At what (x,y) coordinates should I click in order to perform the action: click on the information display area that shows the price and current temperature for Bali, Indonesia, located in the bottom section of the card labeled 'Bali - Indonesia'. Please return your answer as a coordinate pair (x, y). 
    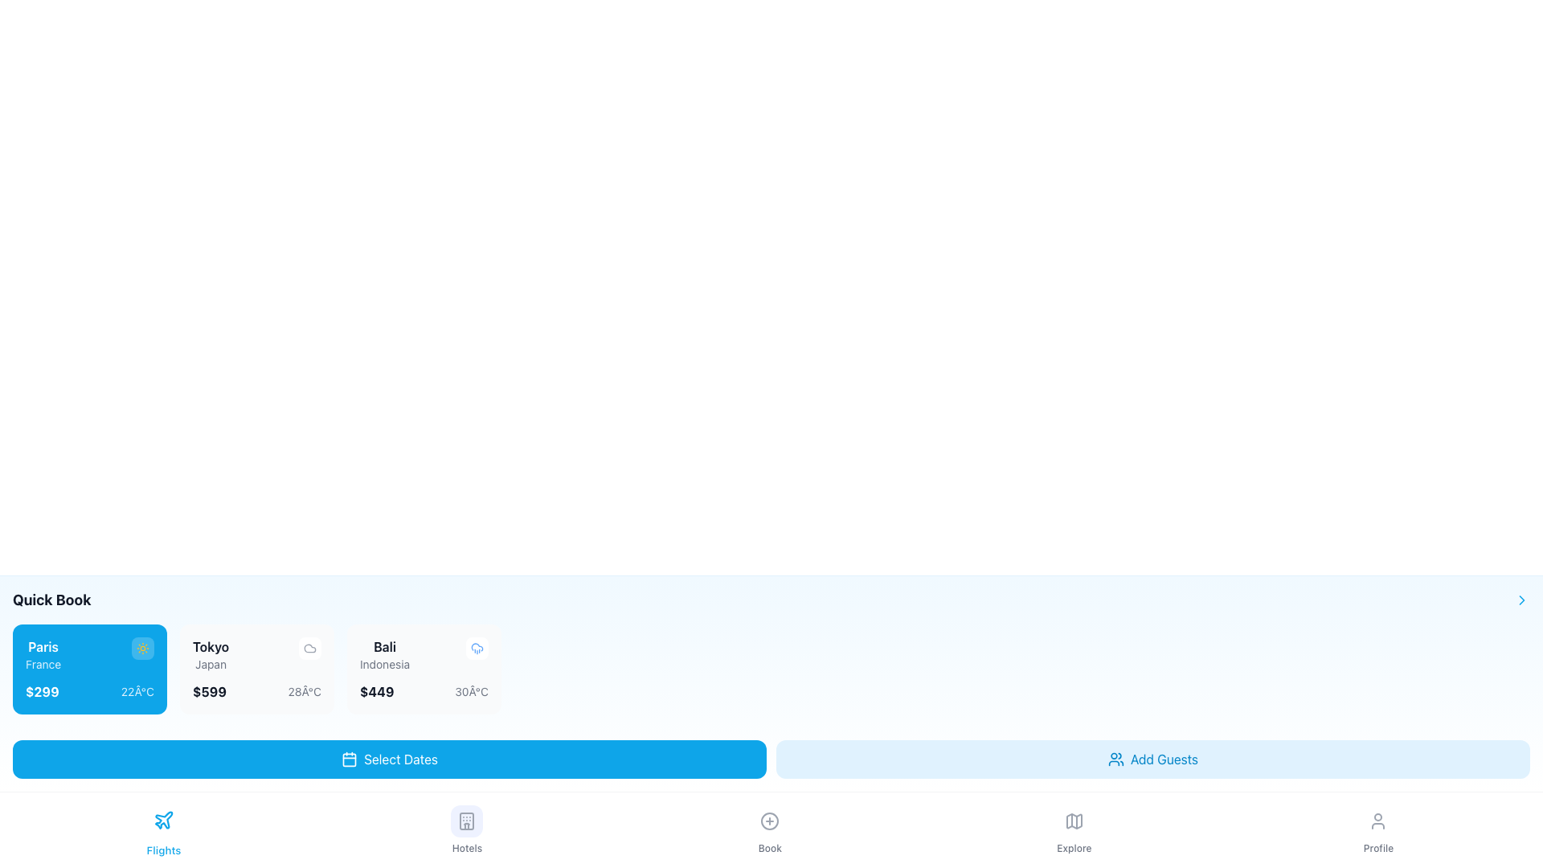
    Looking at the image, I should click on (424, 690).